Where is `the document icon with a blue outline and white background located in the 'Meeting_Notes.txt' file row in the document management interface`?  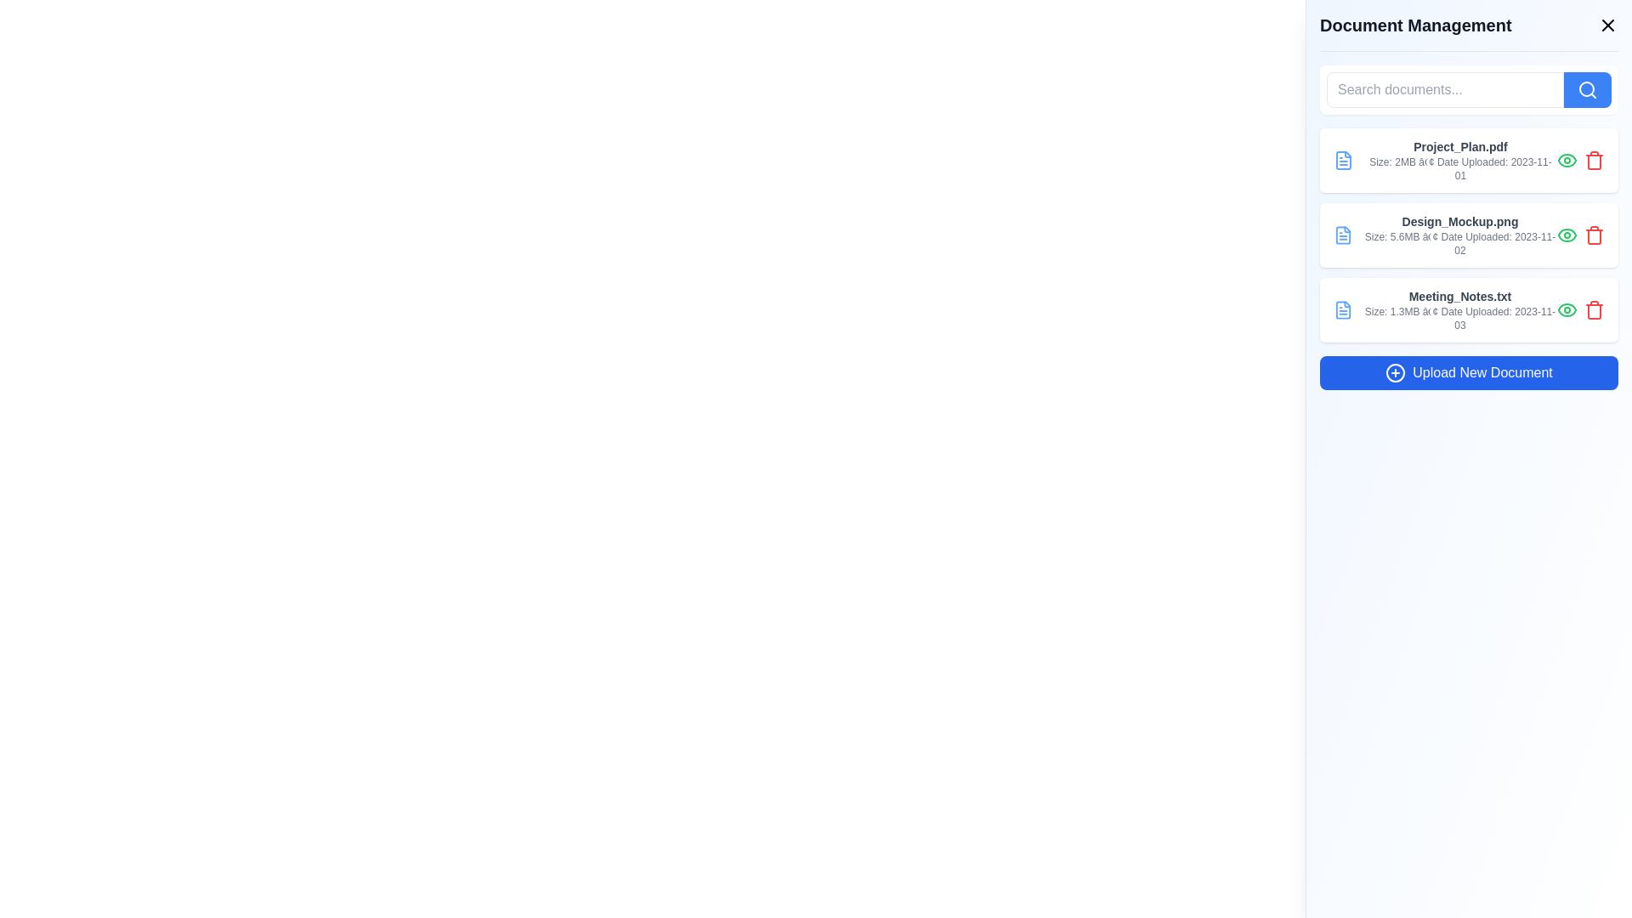
the document icon with a blue outline and white background located in the 'Meeting_Notes.txt' file row in the document management interface is located at coordinates (1342, 310).